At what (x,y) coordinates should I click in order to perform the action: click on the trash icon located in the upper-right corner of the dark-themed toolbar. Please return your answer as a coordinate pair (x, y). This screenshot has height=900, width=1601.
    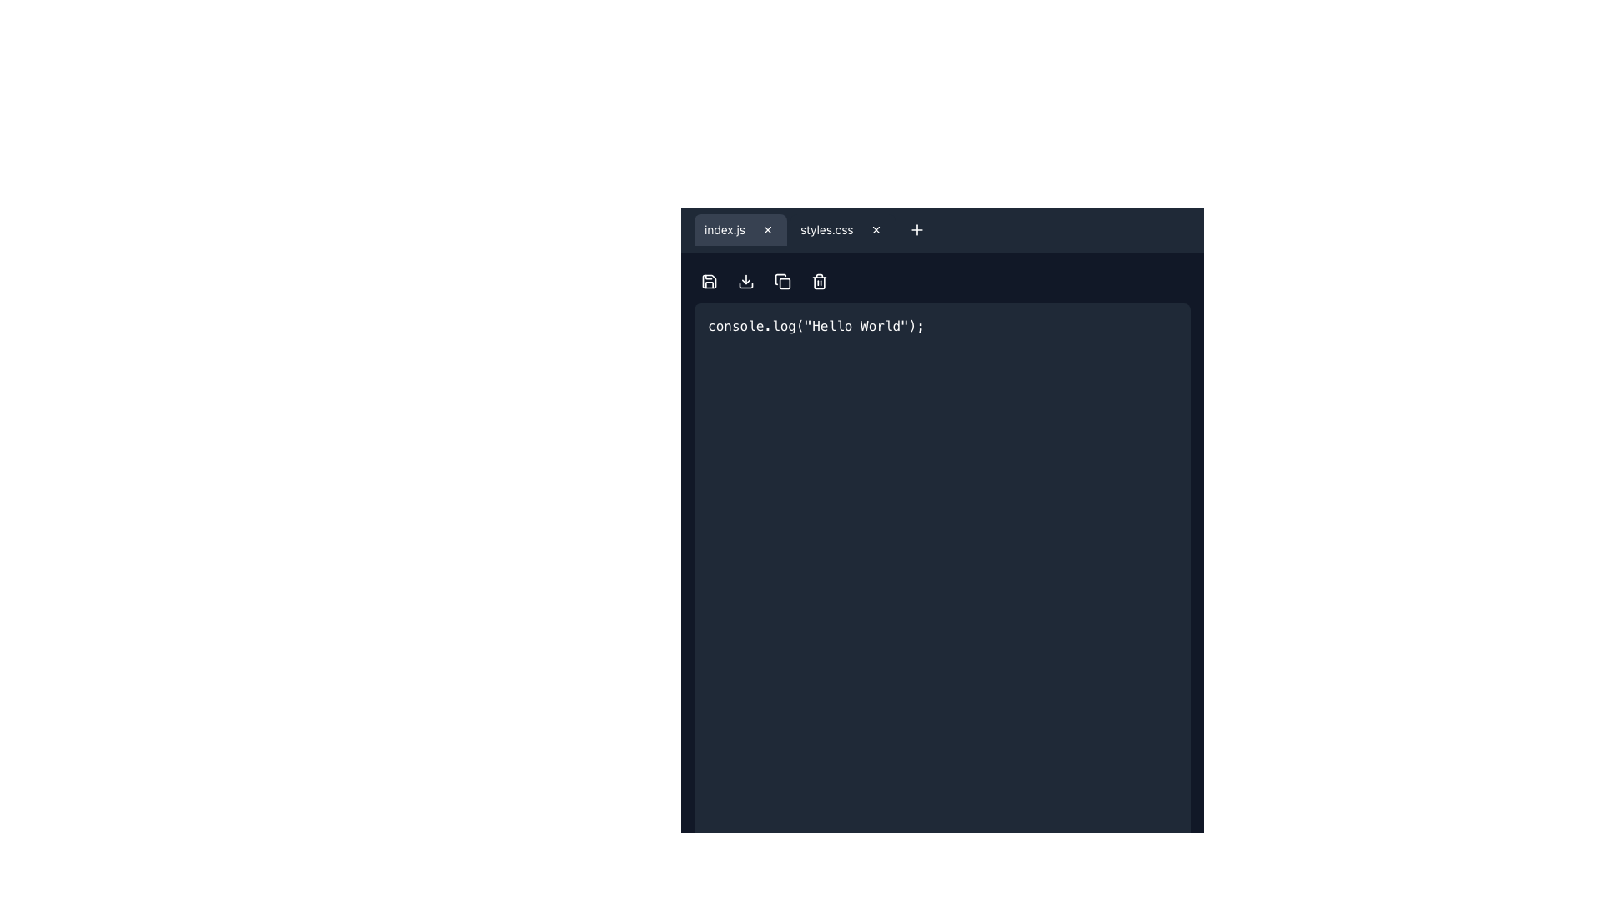
    Looking at the image, I should click on (820, 281).